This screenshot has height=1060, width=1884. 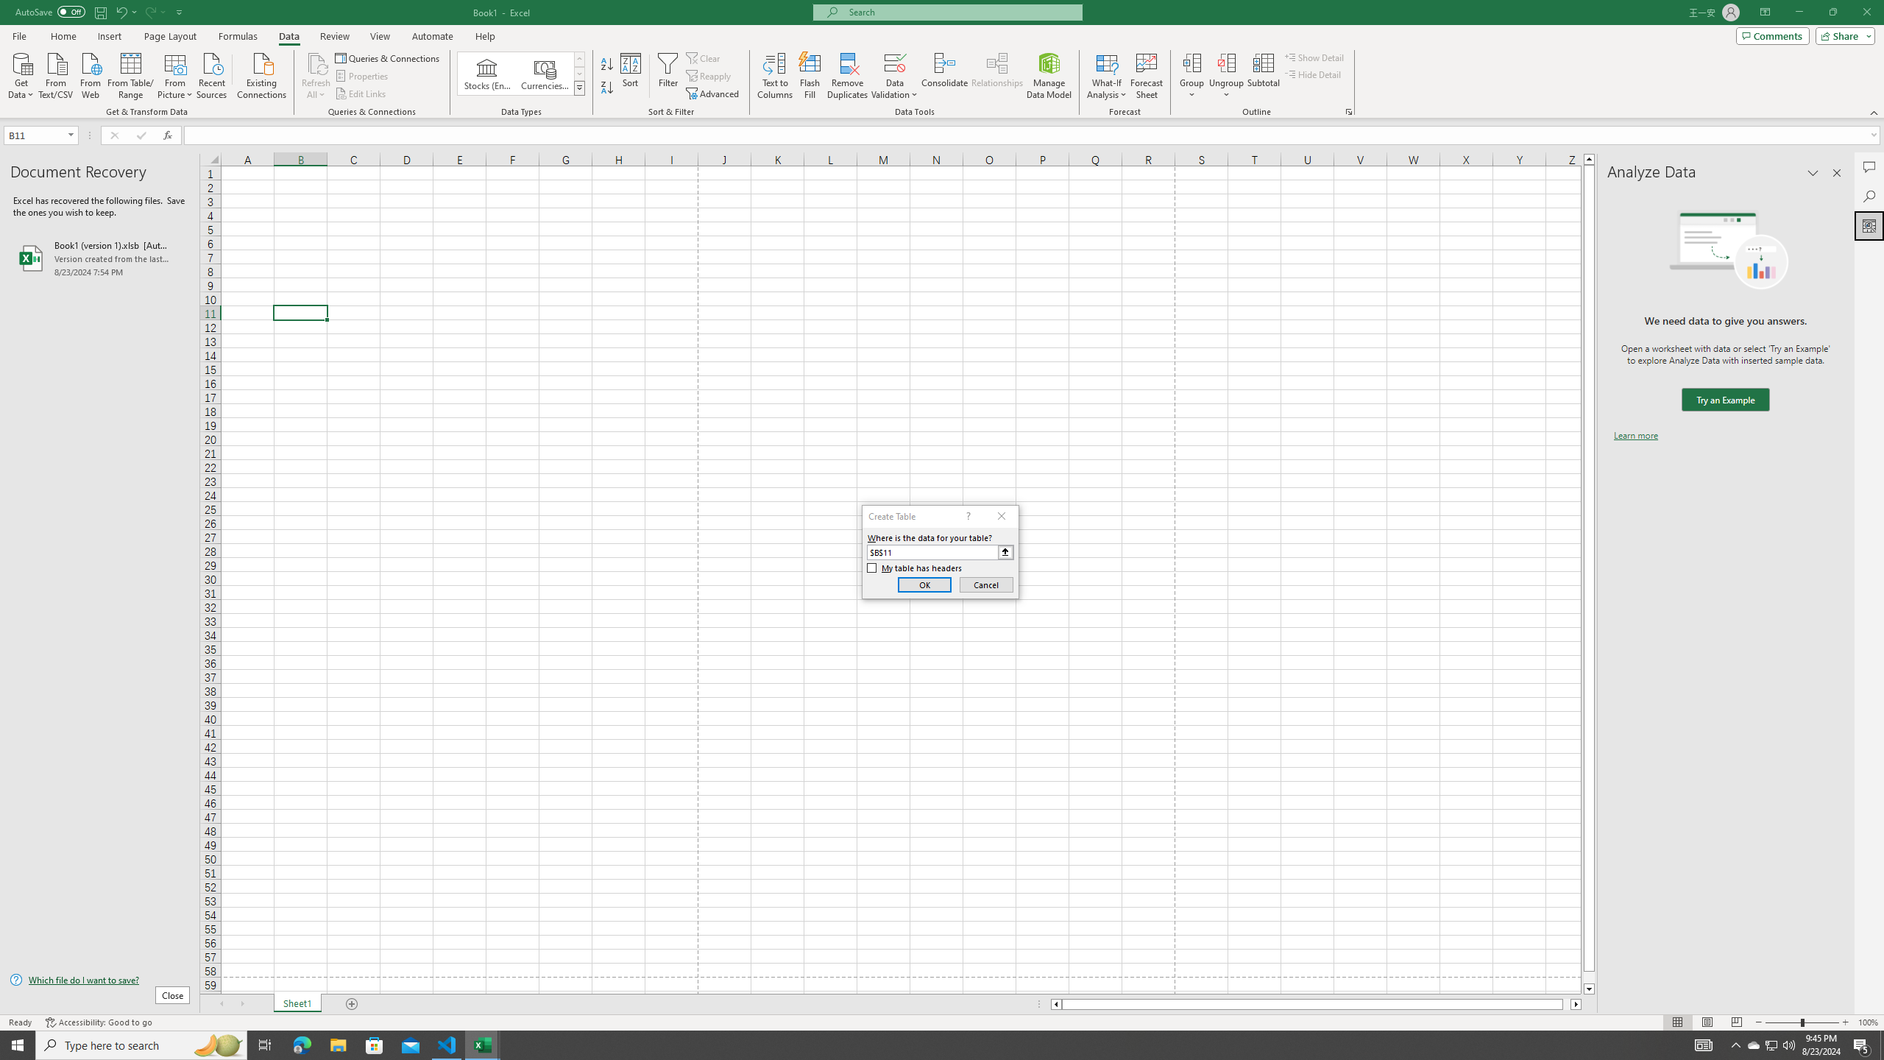 I want to click on 'From Web', so click(x=90, y=74).